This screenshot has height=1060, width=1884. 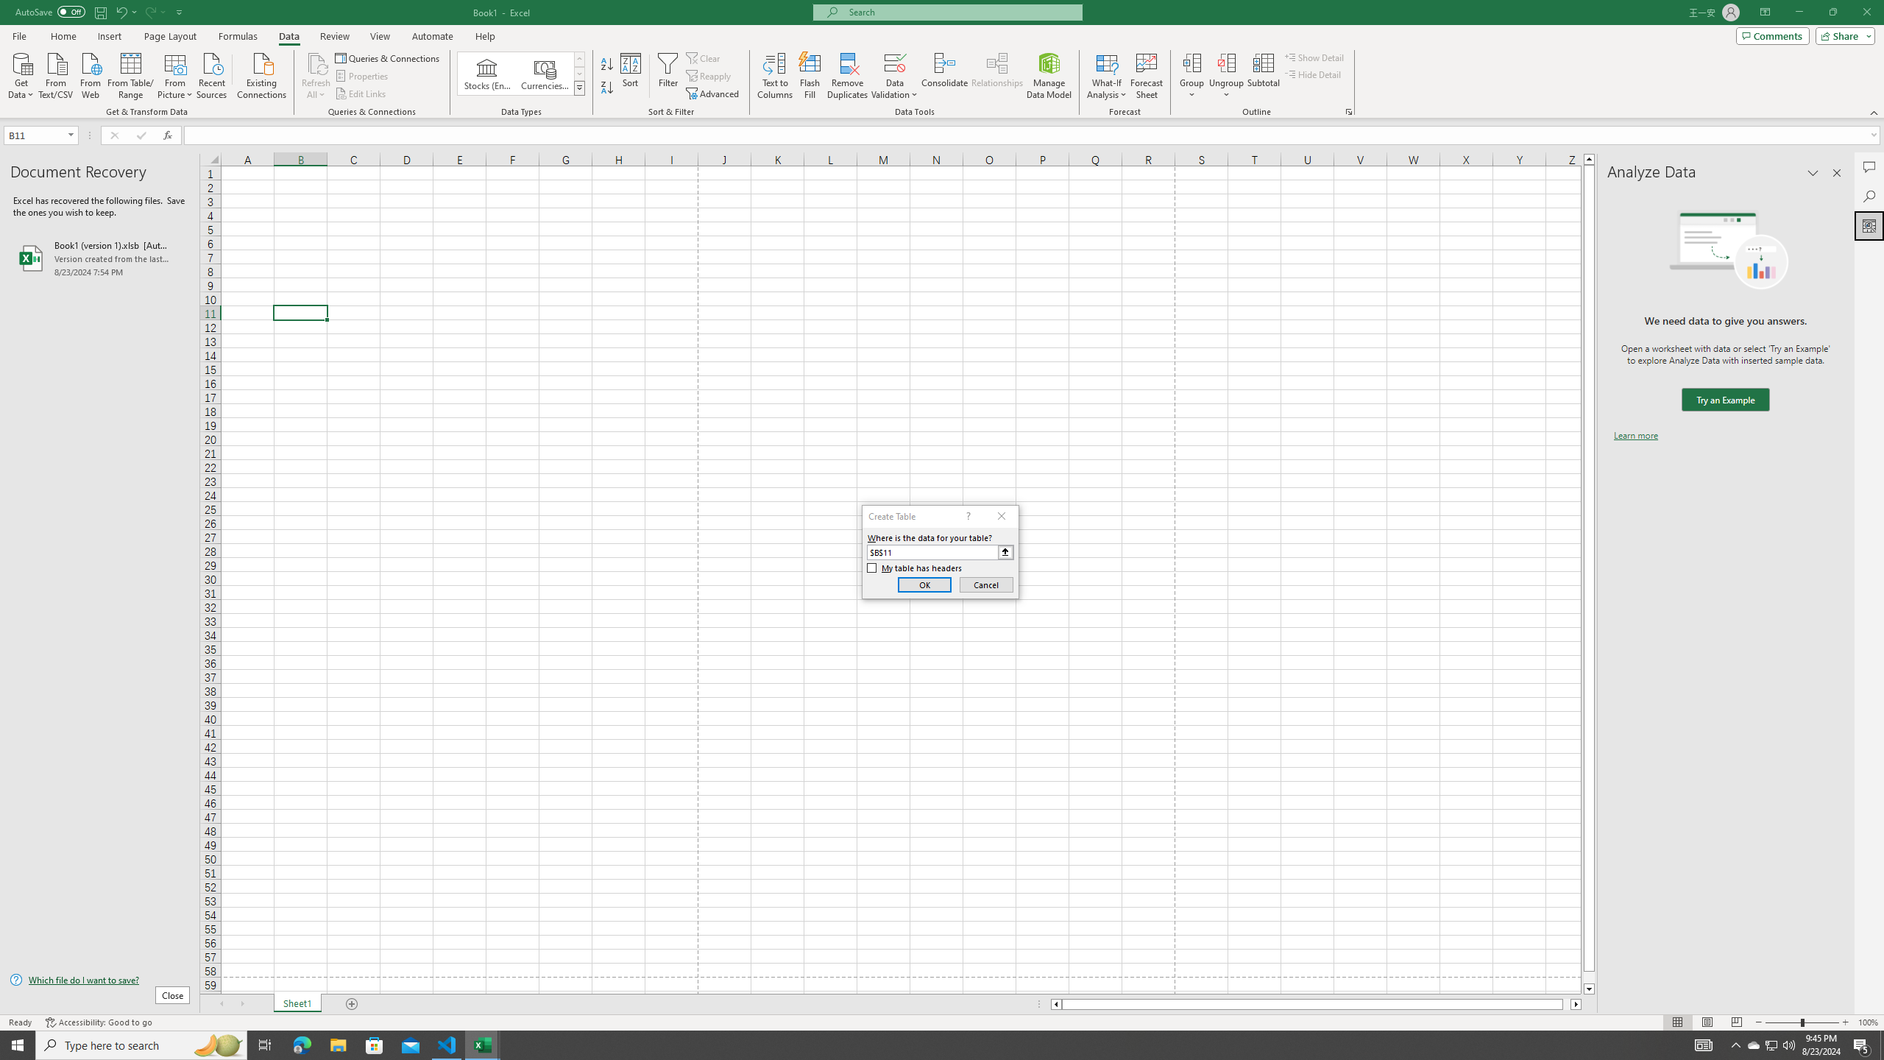 I want to click on 'From Web', so click(x=90, y=74).